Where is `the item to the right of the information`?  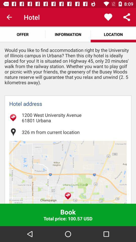
the item to the right of the information is located at coordinates (108, 17).